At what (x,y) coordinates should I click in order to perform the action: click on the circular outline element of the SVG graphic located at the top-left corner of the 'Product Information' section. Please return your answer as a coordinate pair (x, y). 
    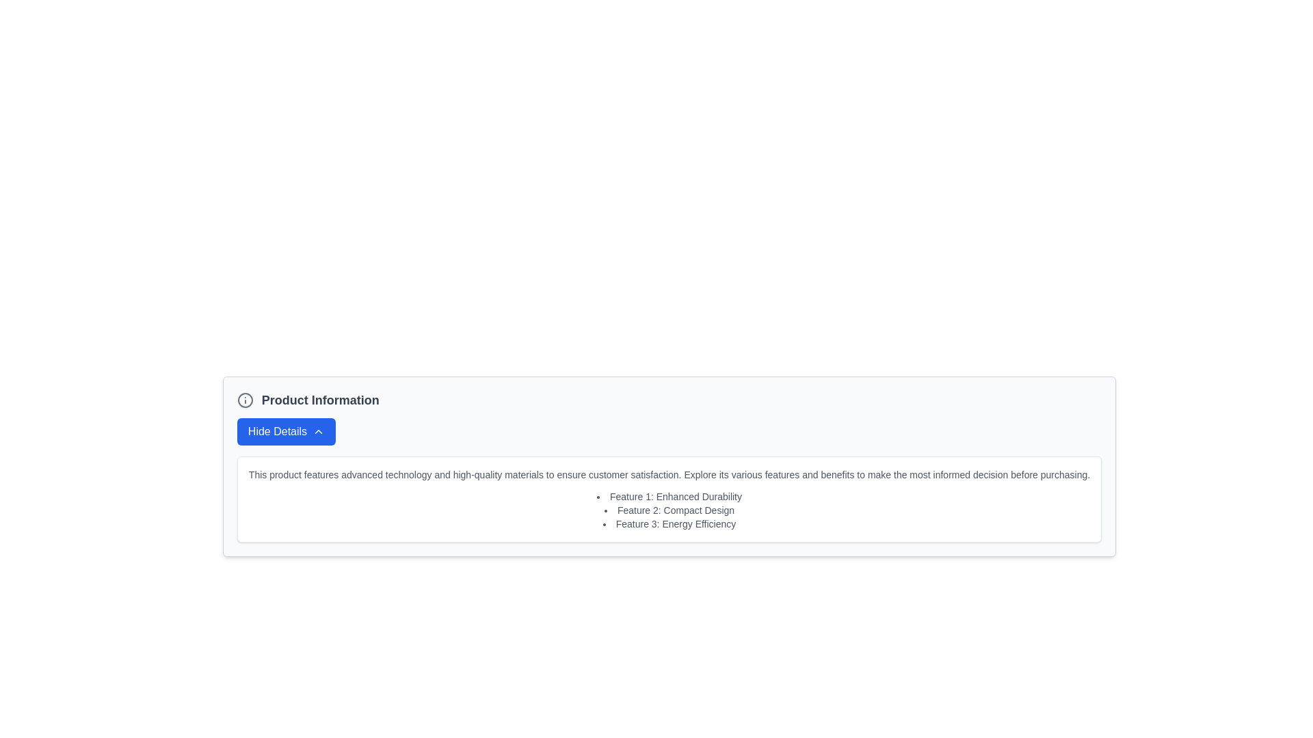
    Looking at the image, I should click on (245, 400).